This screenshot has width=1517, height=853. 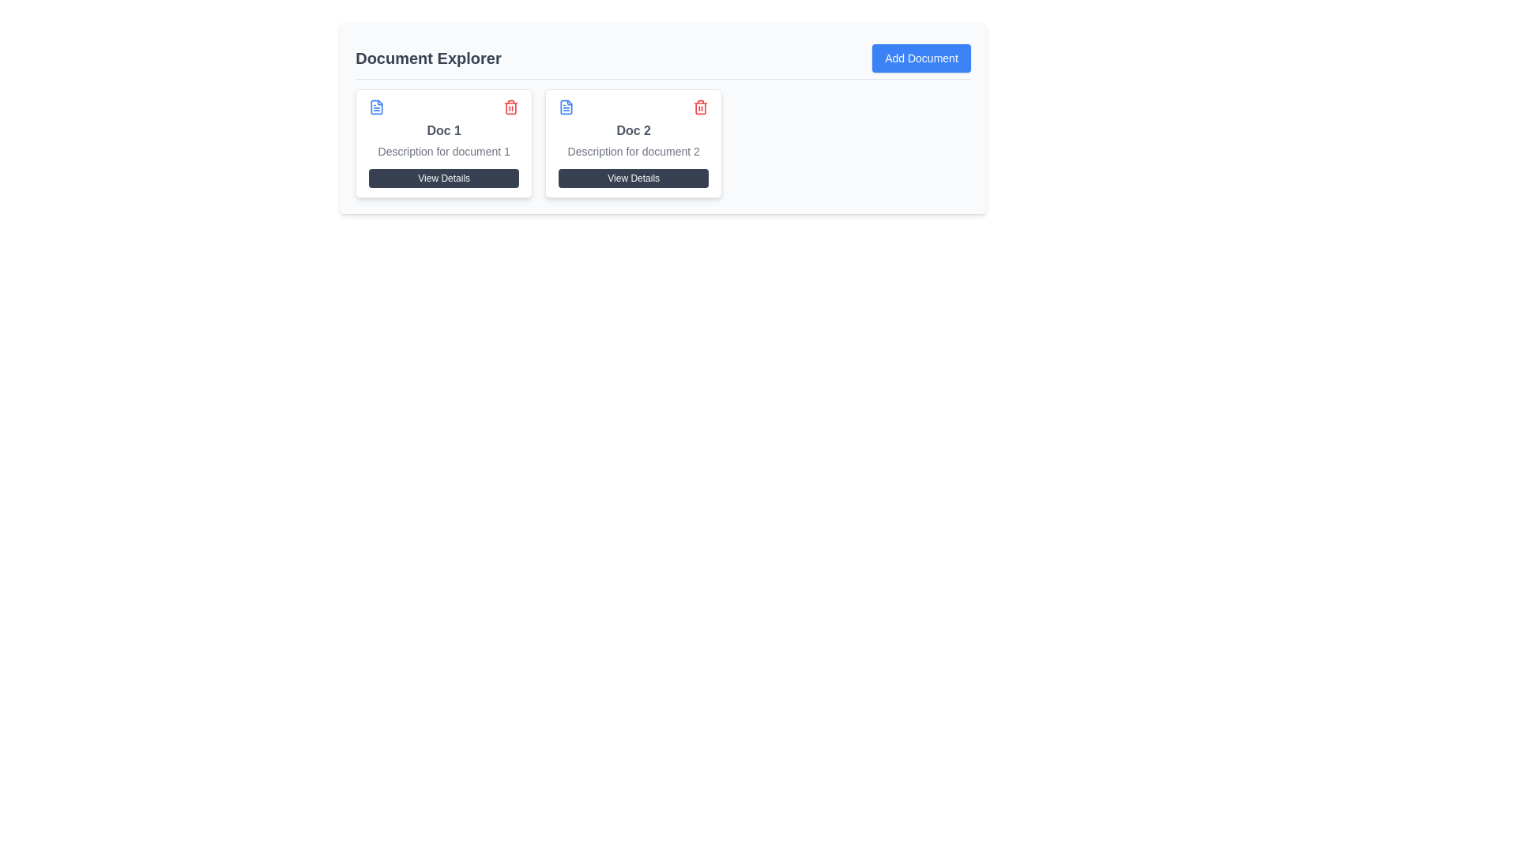 I want to click on the button located at the bottom of the card labeled 'Doc 1', so click(x=443, y=178).